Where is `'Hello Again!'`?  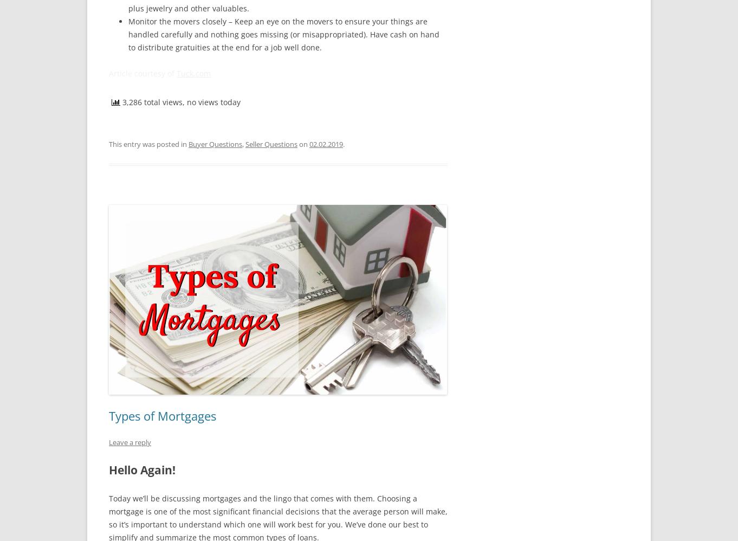
'Hello Again!' is located at coordinates (109, 469).